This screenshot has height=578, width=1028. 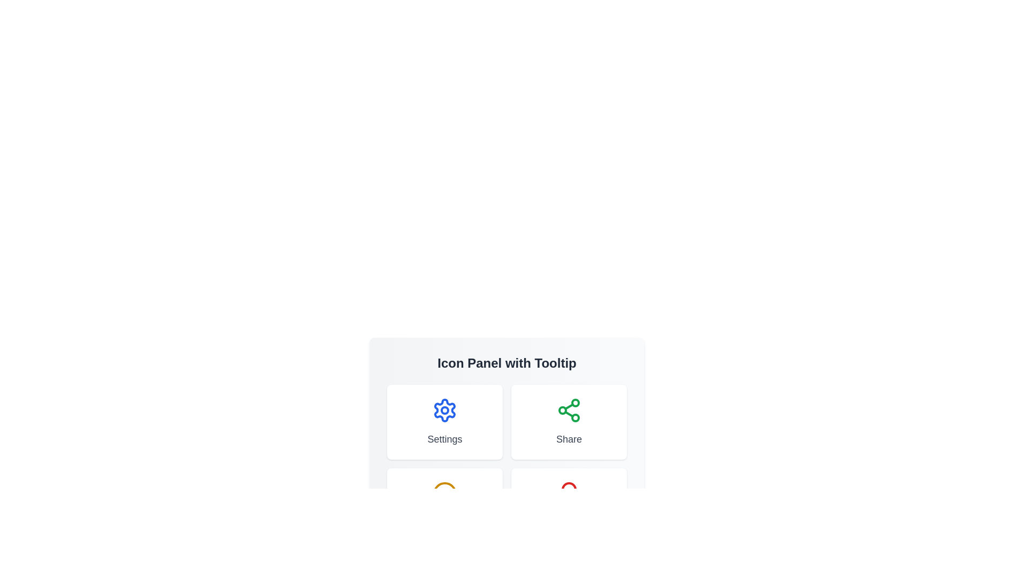 What do you see at coordinates (568, 439) in the screenshot?
I see `the 'Share' static text element, which is styled in light gray and positioned beneath the green sharing icon in the top-right tile of the icon grid` at bounding box center [568, 439].